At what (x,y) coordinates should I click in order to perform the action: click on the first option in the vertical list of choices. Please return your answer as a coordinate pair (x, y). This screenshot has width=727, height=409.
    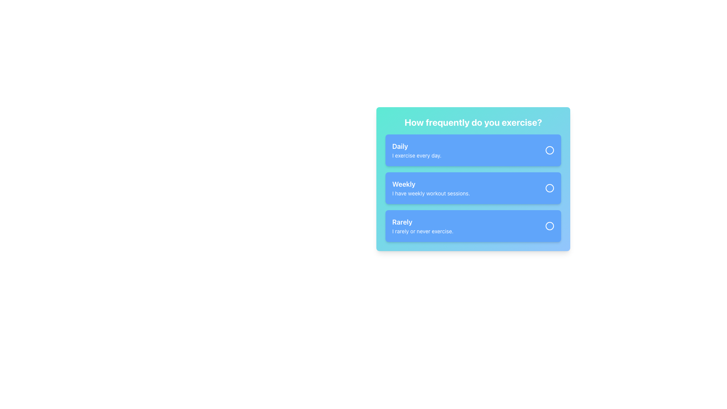
    Looking at the image, I should click on (416, 150).